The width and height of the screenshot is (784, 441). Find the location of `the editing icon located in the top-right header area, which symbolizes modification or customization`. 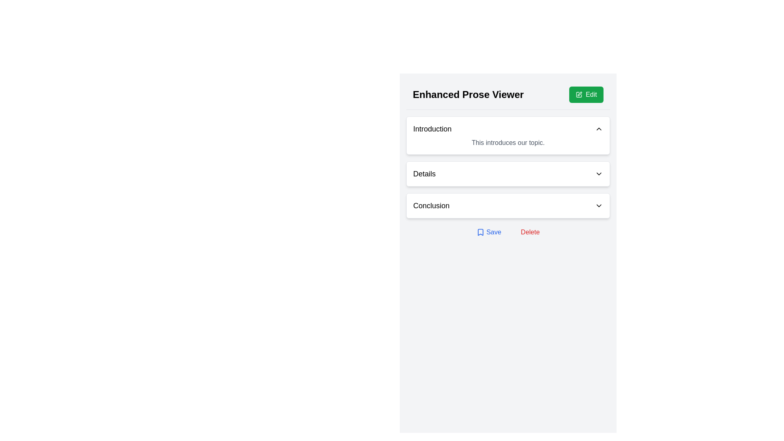

the editing icon located in the top-right header area, which symbolizes modification or customization is located at coordinates (579, 94).